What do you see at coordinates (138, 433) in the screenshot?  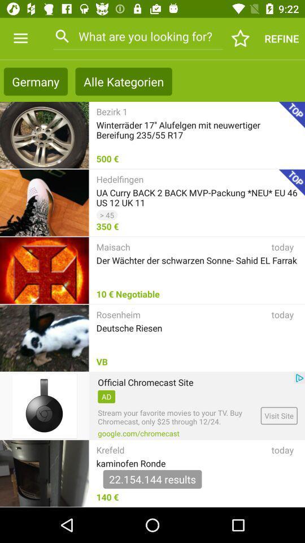 I see `icon next to the visit site` at bounding box center [138, 433].